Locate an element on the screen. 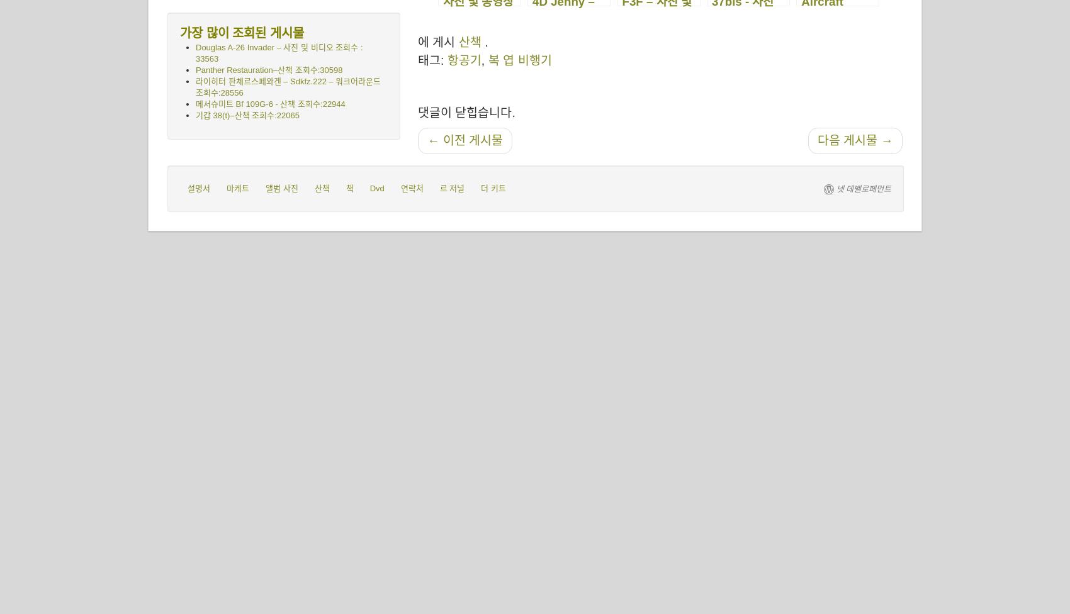 The width and height of the screenshot is (1070, 614). '댓글이 닫힙습니다.' is located at coordinates (466, 111).